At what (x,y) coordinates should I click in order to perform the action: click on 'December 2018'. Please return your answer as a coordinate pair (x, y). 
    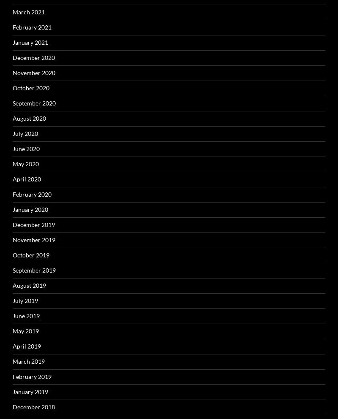
    Looking at the image, I should click on (34, 406).